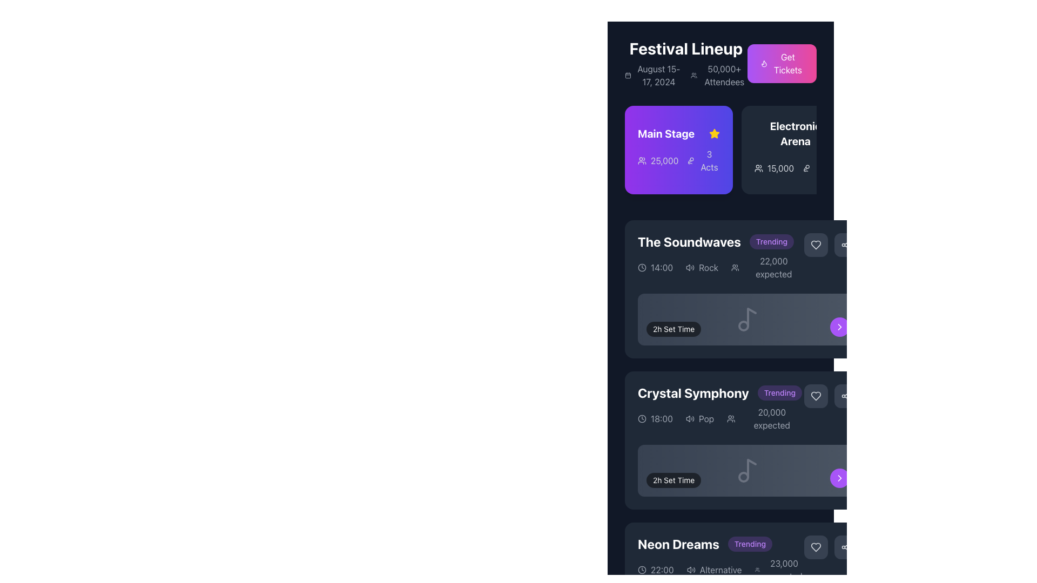  Describe the element at coordinates (788, 64) in the screenshot. I see `the 'Get Tickets' button with a flame icon located in the top-right corner of the 'Festival Lineup' section` at that location.